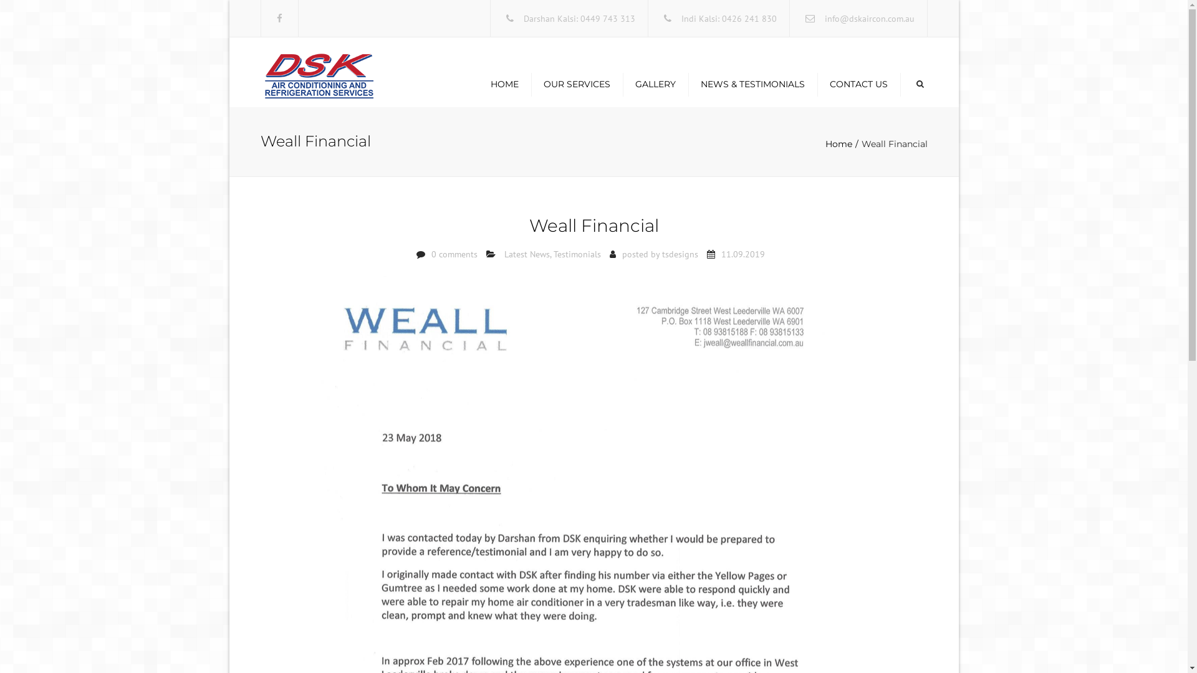 Image resolution: width=1197 pixels, height=673 pixels. Describe the element at coordinates (693, 84) in the screenshot. I see `'NEWS & TESTIMONIALS'` at that location.